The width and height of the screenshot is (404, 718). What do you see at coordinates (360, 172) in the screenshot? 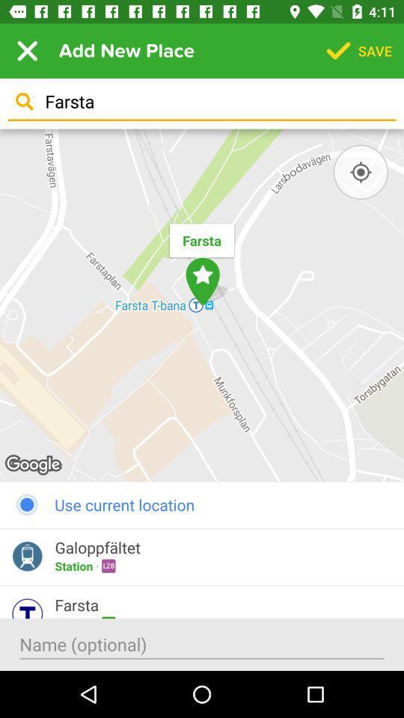
I see `item above the use current location icon` at bounding box center [360, 172].